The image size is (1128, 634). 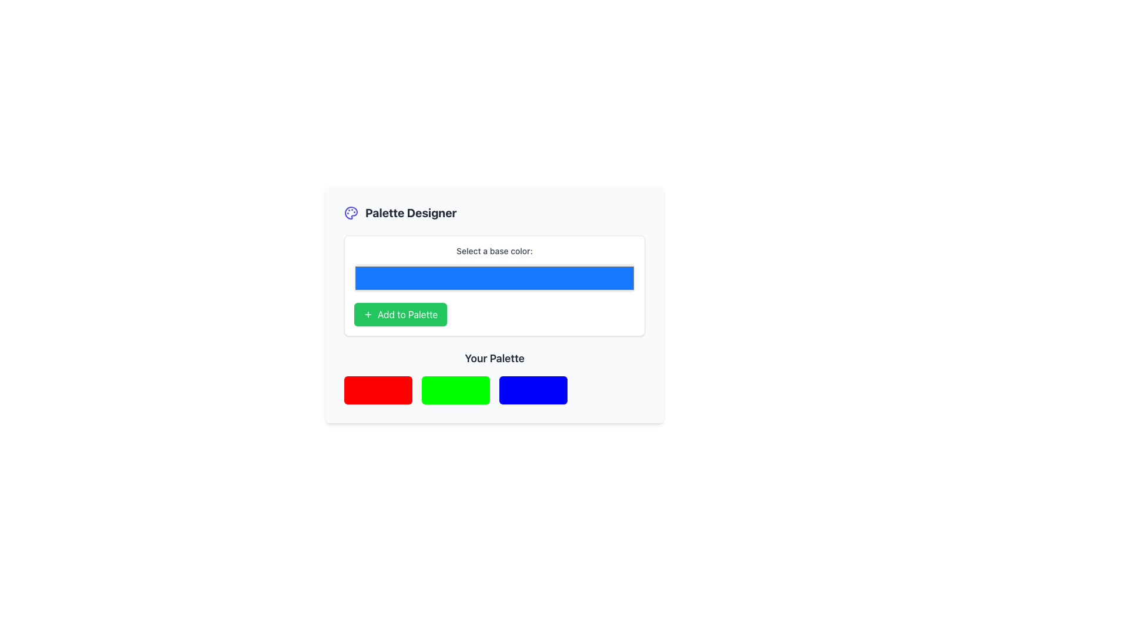 I want to click on the 'Palette Designer' text label to copy its content, so click(x=411, y=213).